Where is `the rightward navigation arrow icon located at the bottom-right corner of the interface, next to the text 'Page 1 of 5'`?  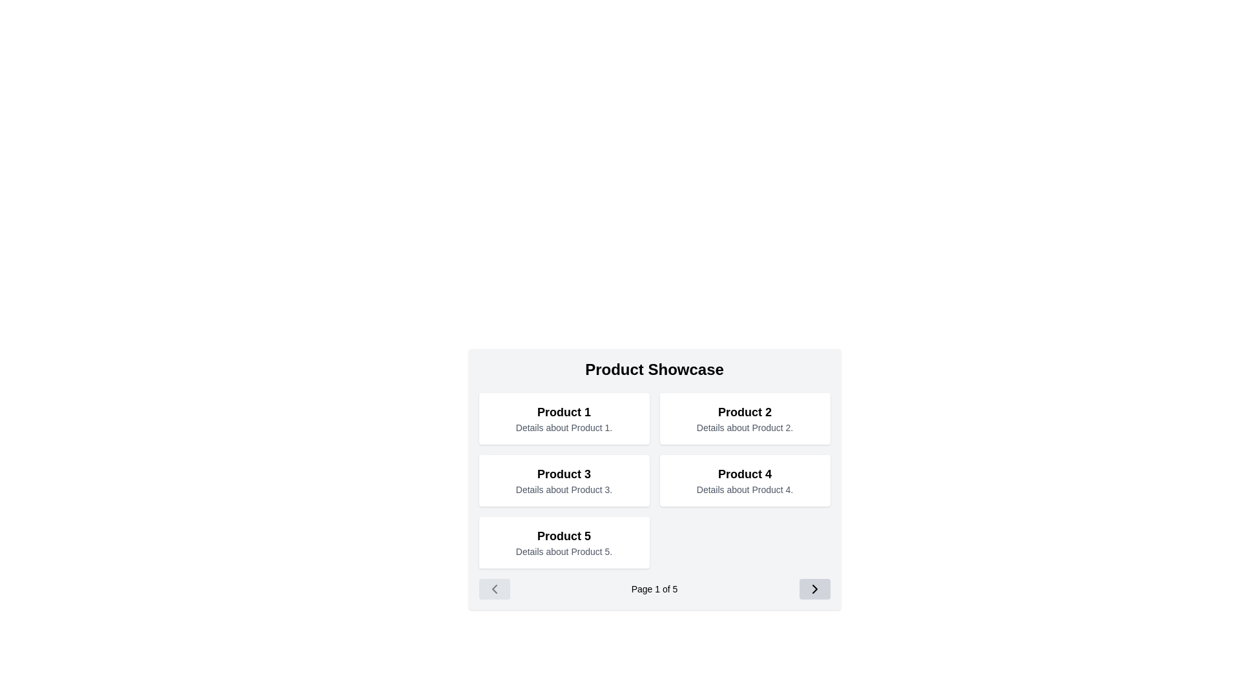
the rightward navigation arrow icon located at the bottom-right corner of the interface, next to the text 'Page 1 of 5' is located at coordinates (814, 589).